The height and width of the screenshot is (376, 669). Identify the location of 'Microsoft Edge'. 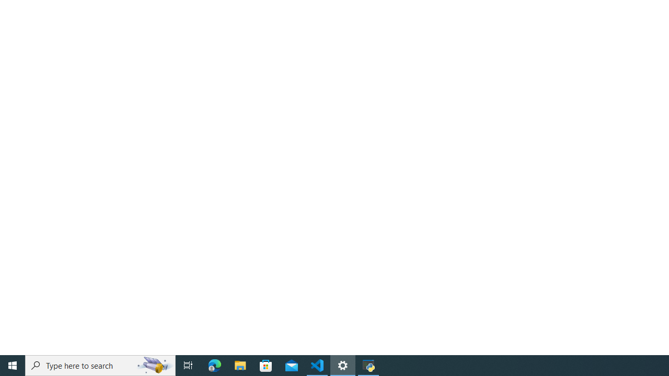
(214, 365).